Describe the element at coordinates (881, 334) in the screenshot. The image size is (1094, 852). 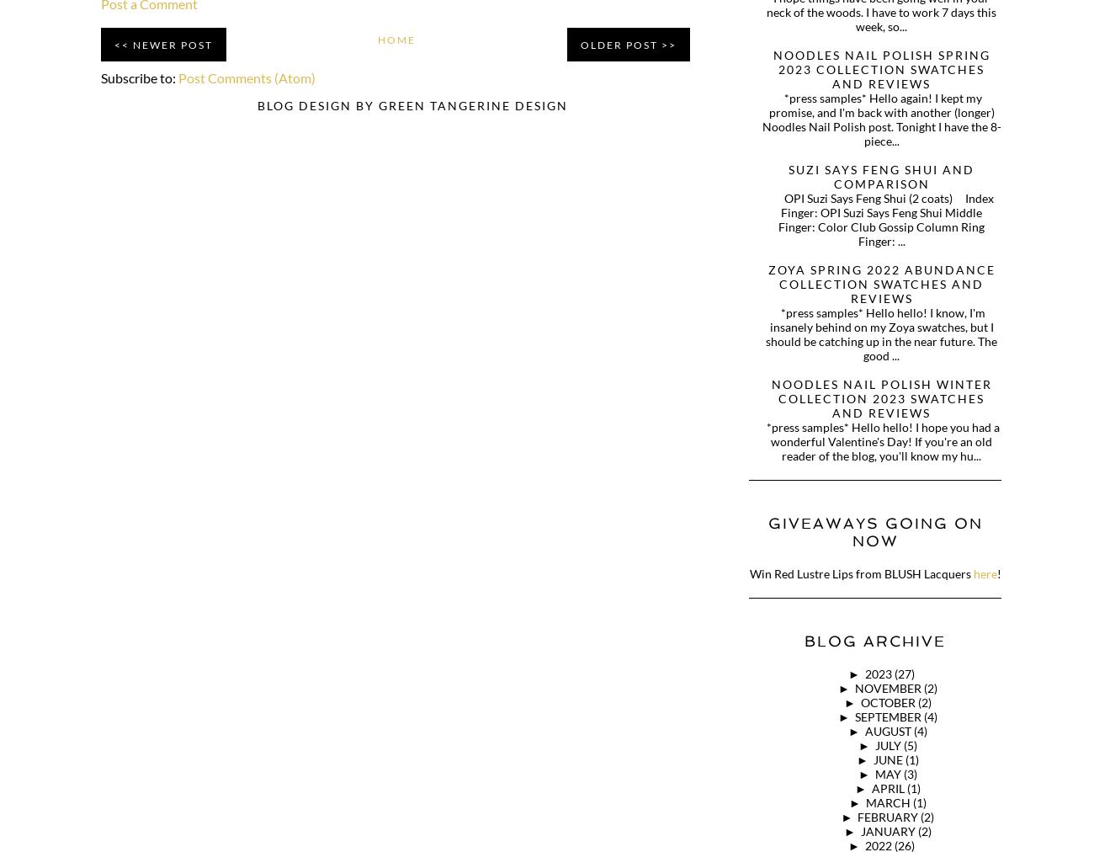
I see `'*press samples* Hello hello! I know, I'm insanely behind on my Zoya swatches, but I should be catching up in the near future. The good ...'` at that location.